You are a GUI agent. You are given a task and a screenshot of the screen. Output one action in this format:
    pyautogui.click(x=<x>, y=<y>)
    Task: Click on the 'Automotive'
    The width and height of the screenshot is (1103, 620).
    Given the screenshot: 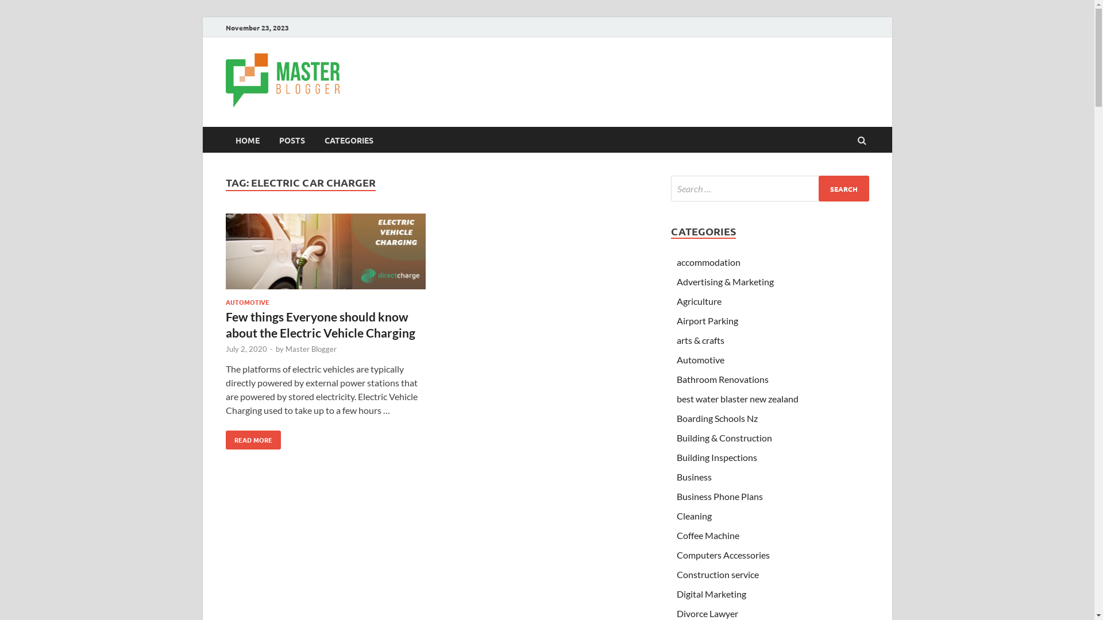 What is the action you would take?
    pyautogui.click(x=700, y=359)
    